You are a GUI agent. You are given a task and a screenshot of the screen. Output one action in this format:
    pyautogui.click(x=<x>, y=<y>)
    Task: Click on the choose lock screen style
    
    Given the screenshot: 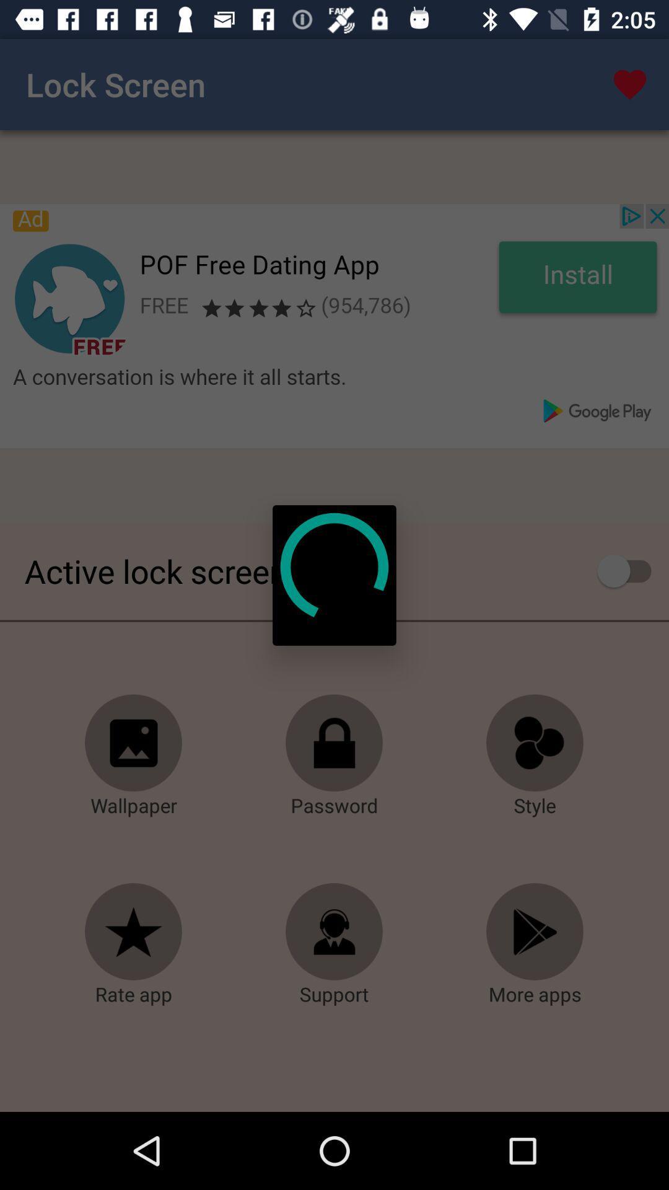 What is the action you would take?
    pyautogui.click(x=535, y=743)
    